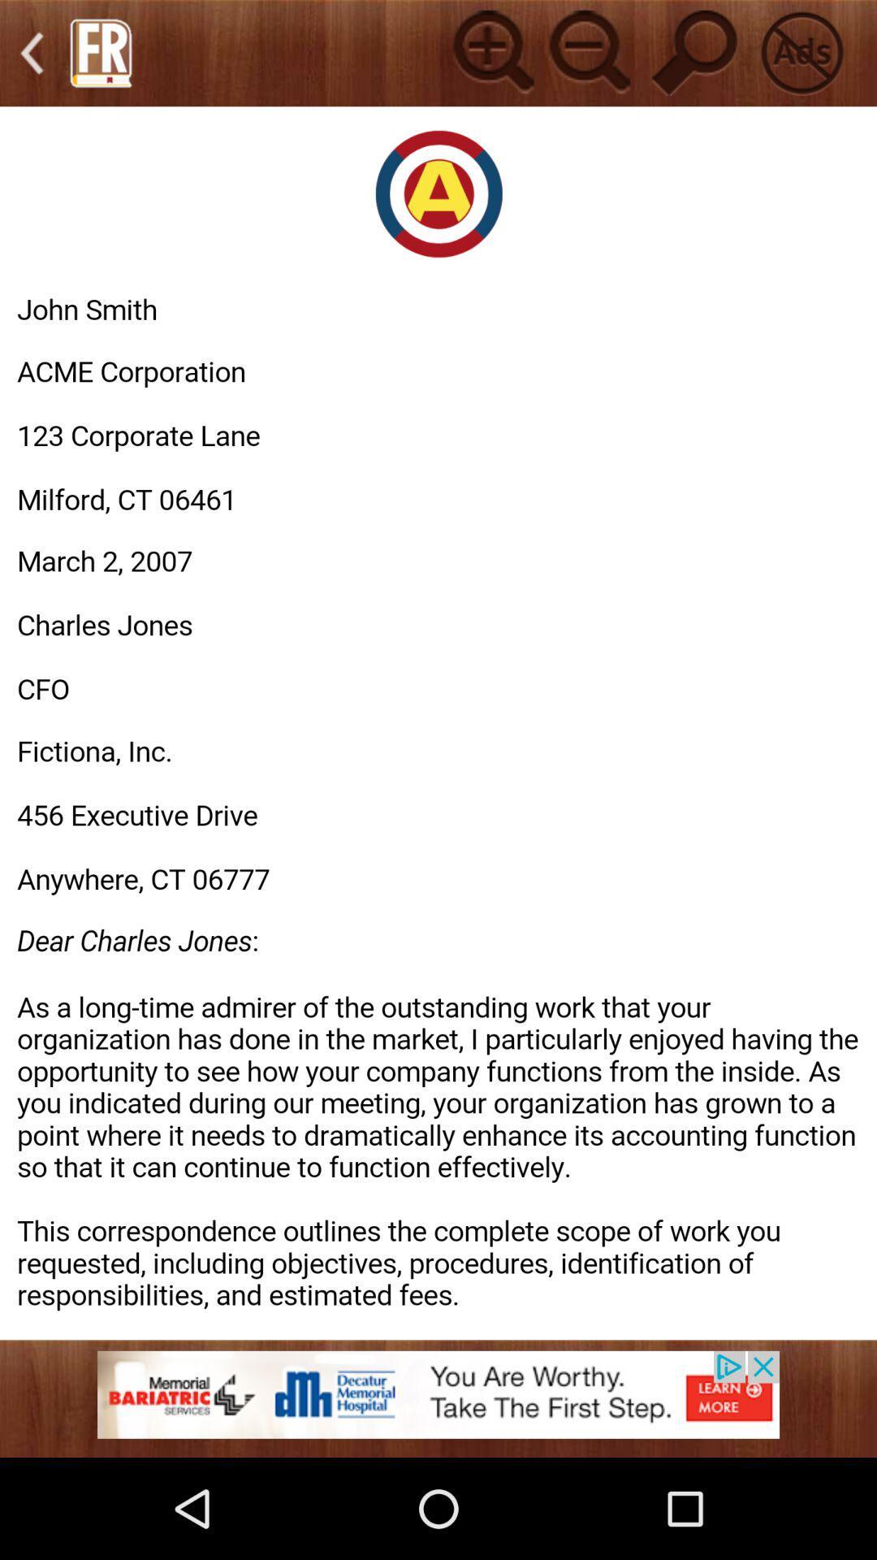  I want to click on previous, so click(32, 53).